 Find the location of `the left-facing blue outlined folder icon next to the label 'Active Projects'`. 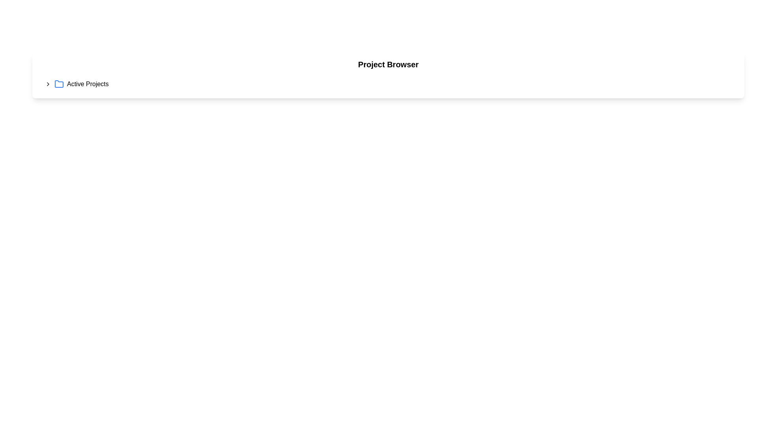

the left-facing blue outlined folder icon next to the label 'Active Projects' is located at coordinates (58, 84).